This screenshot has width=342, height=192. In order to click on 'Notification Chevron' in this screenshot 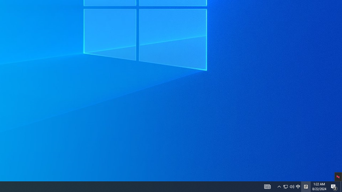, I will do `click(279, 186)`.